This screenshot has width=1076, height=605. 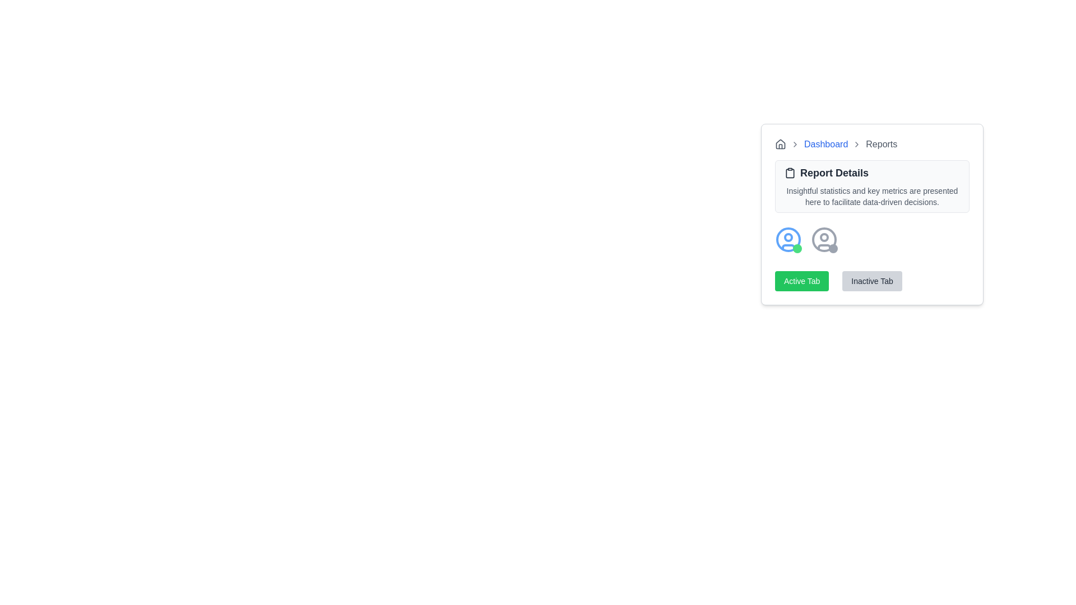 I want to click on the static text label indicating the current section in the breadcrumb navigation bar, which is the rightmost text item following the 'Dashboard' link and a chevron-right icon, so click(x=881, y=144).